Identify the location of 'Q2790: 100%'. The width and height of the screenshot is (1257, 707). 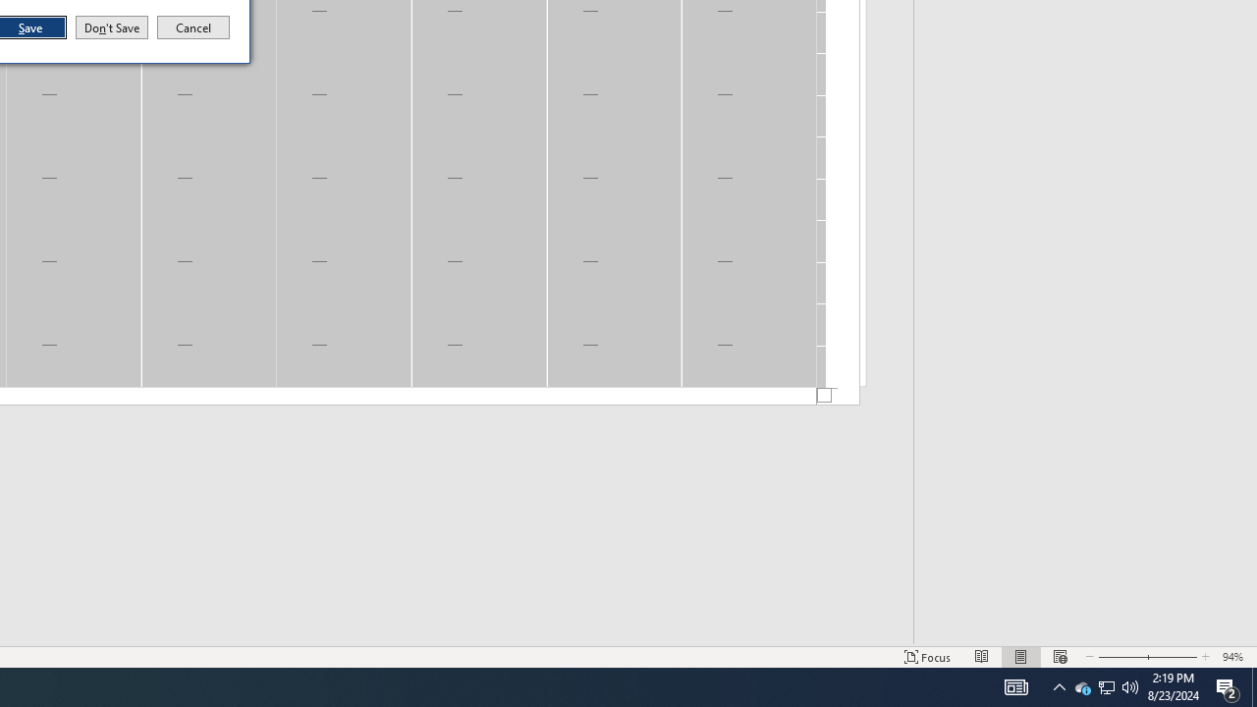
(1130, 685).